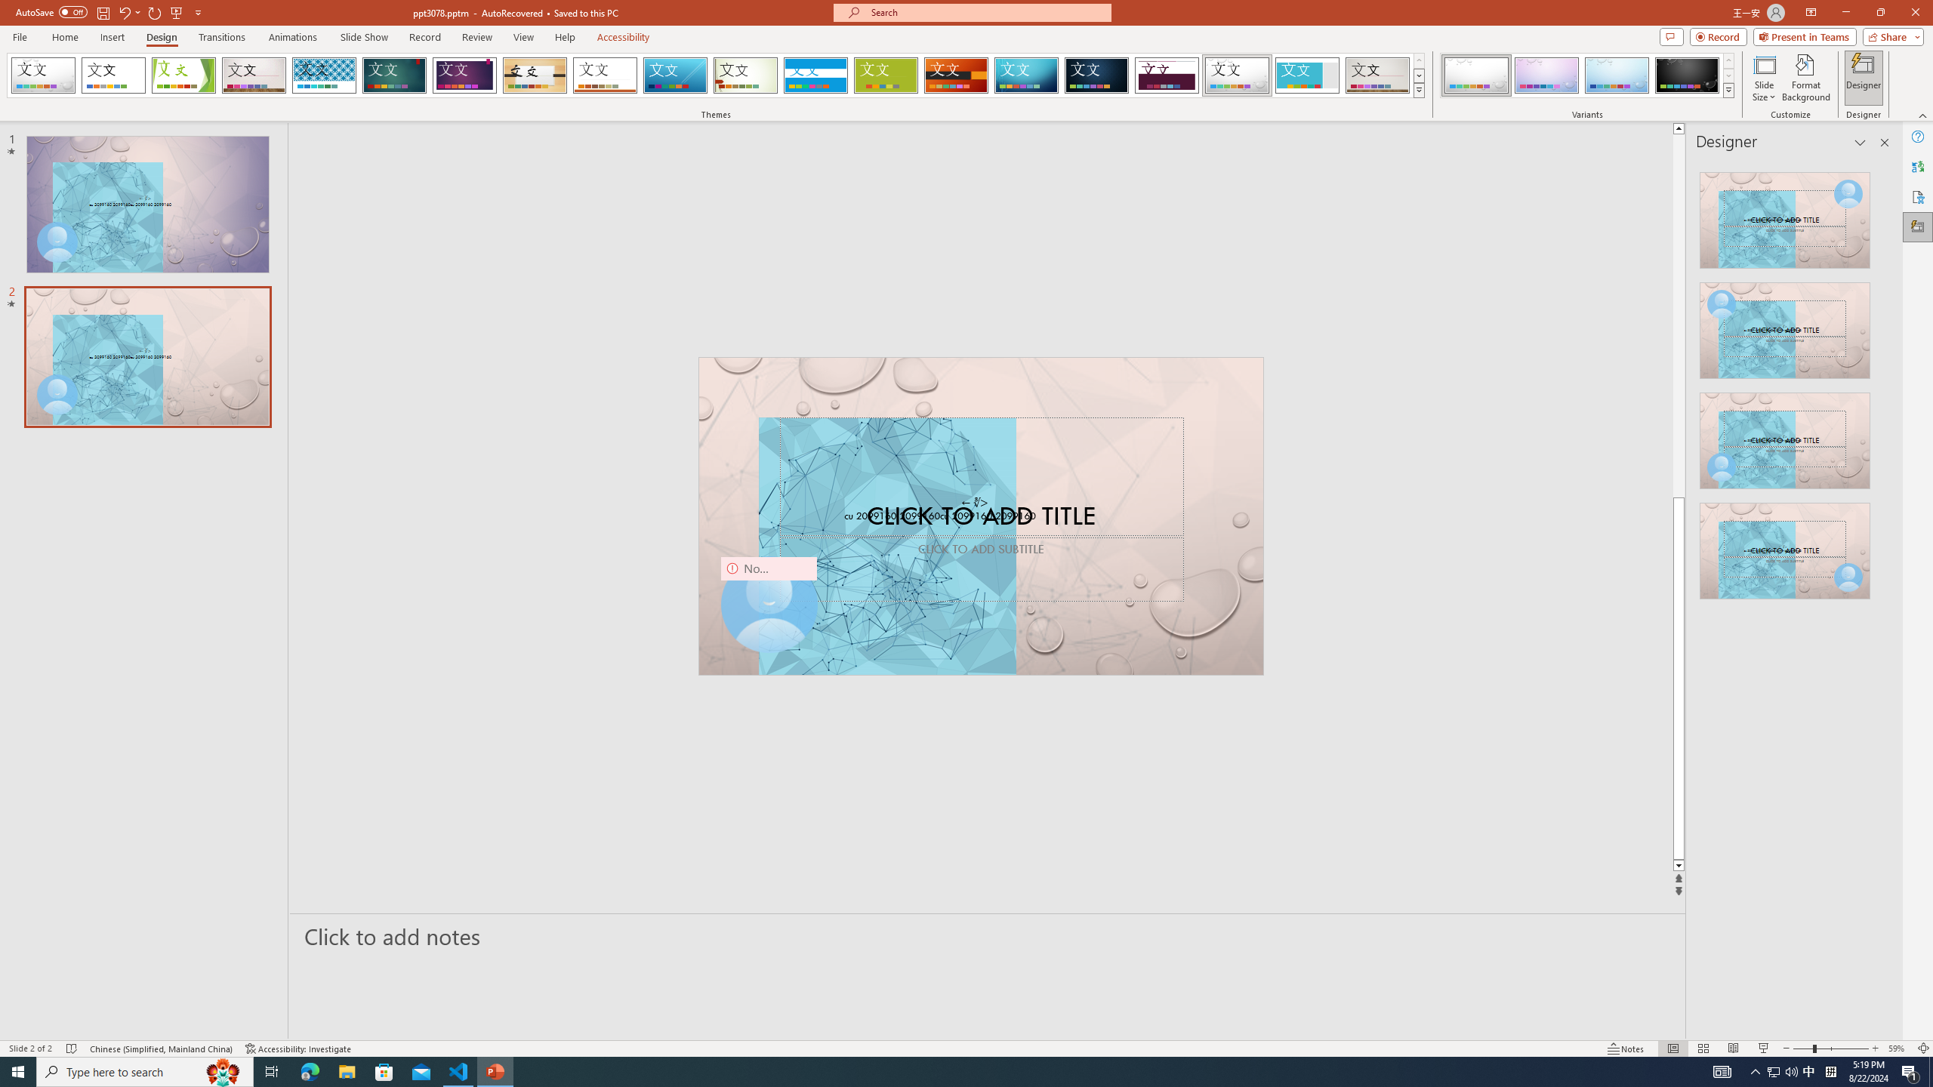 The image size is (1933, 1087). Describe the element at coordinates (1167, 75) in the screenshot. I see `'Dividend'` at that location.